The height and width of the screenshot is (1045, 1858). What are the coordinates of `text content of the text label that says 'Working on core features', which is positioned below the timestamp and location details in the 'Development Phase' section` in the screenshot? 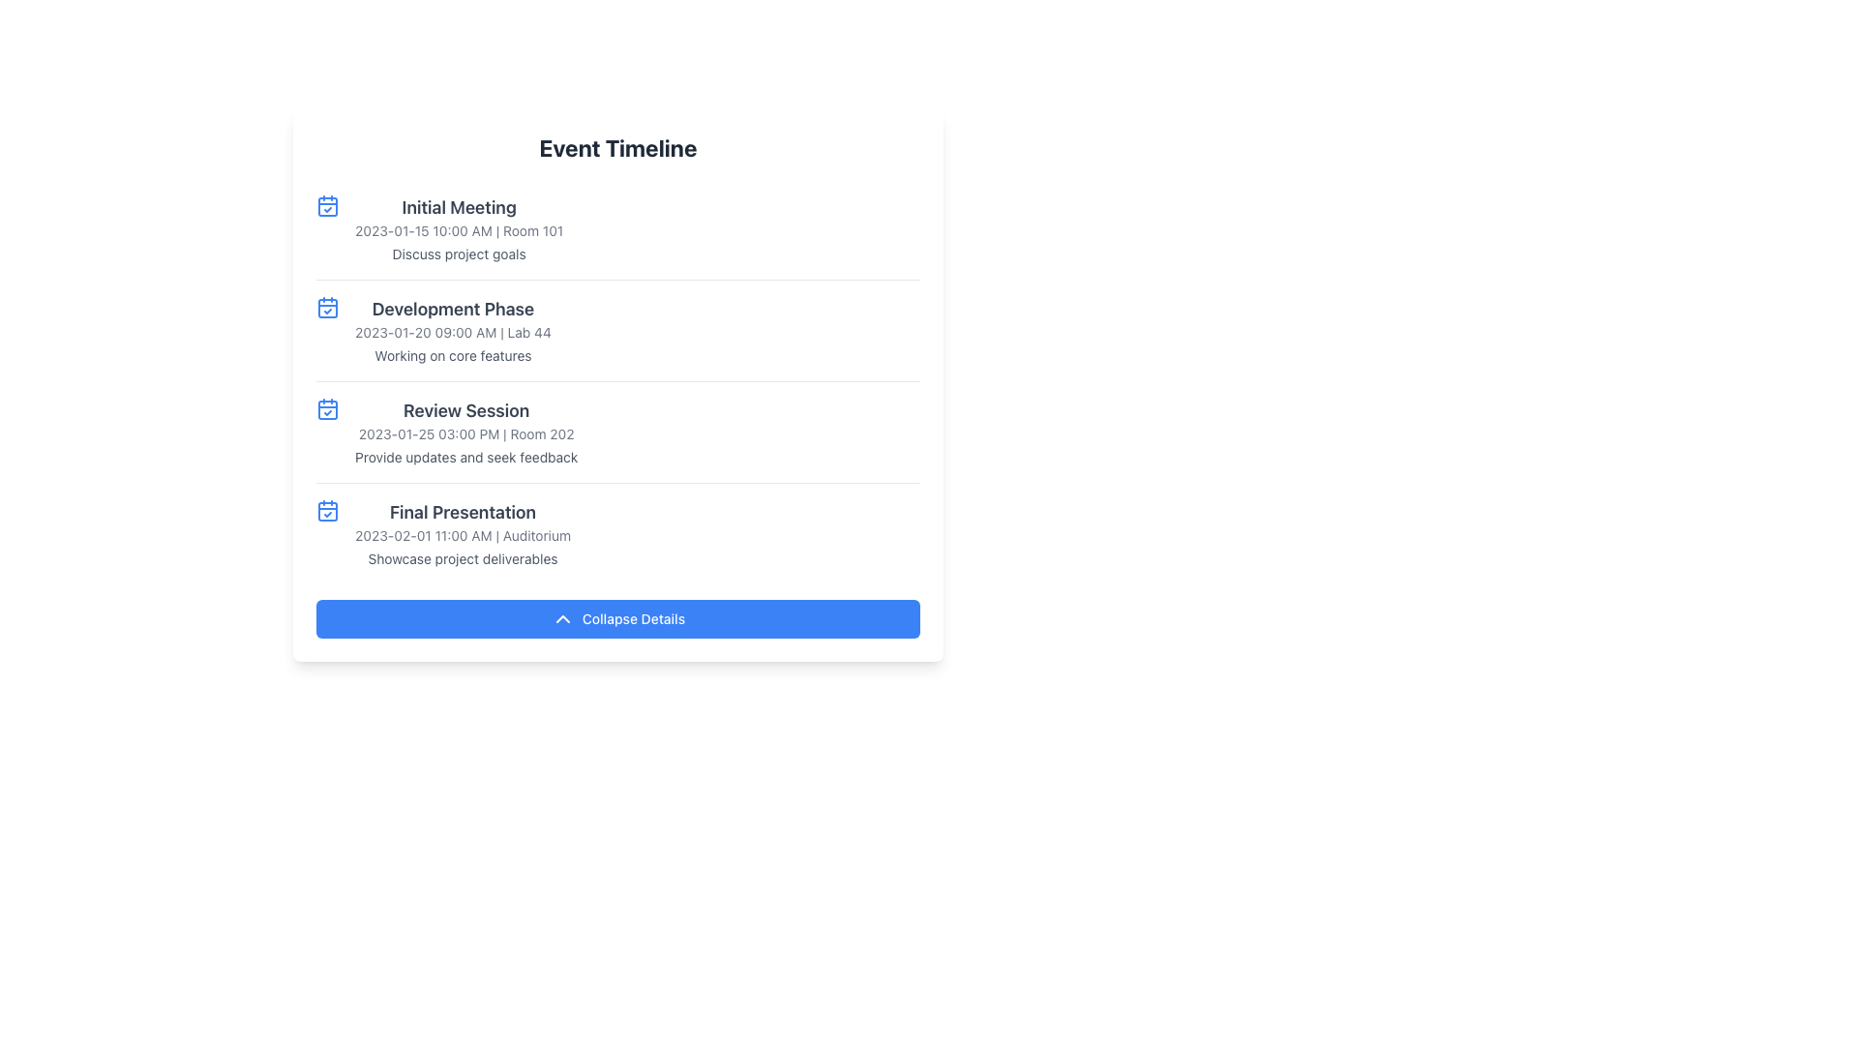 It's located at (452, 355).